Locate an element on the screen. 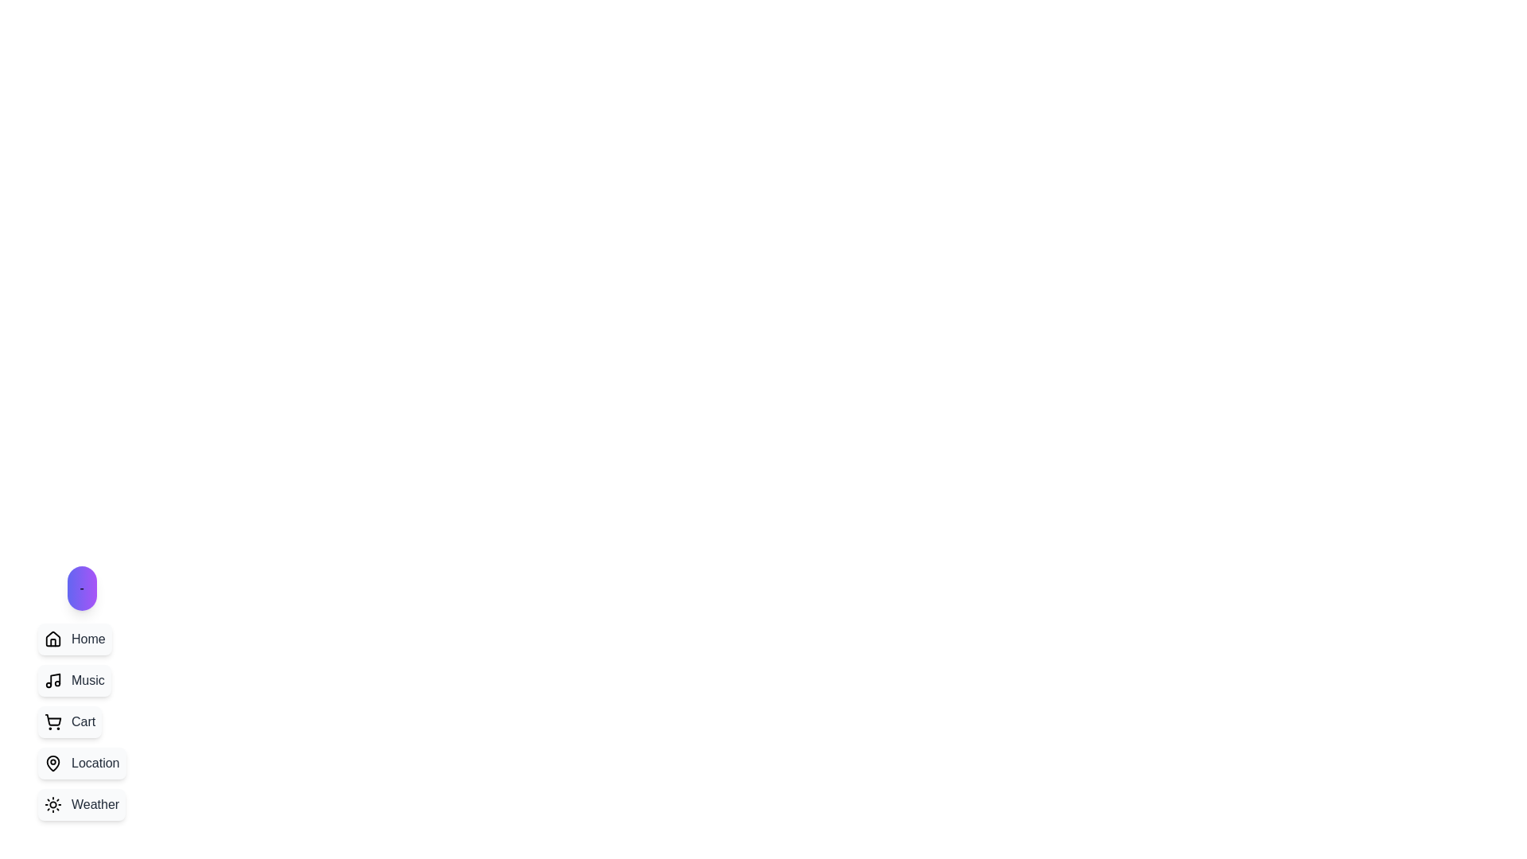 The height and width of the screenshot is (859, 1527). the 'Cart' button, which is the third button in a vertical sidebar menu, to change its background color is located at coordinates (69, 721).